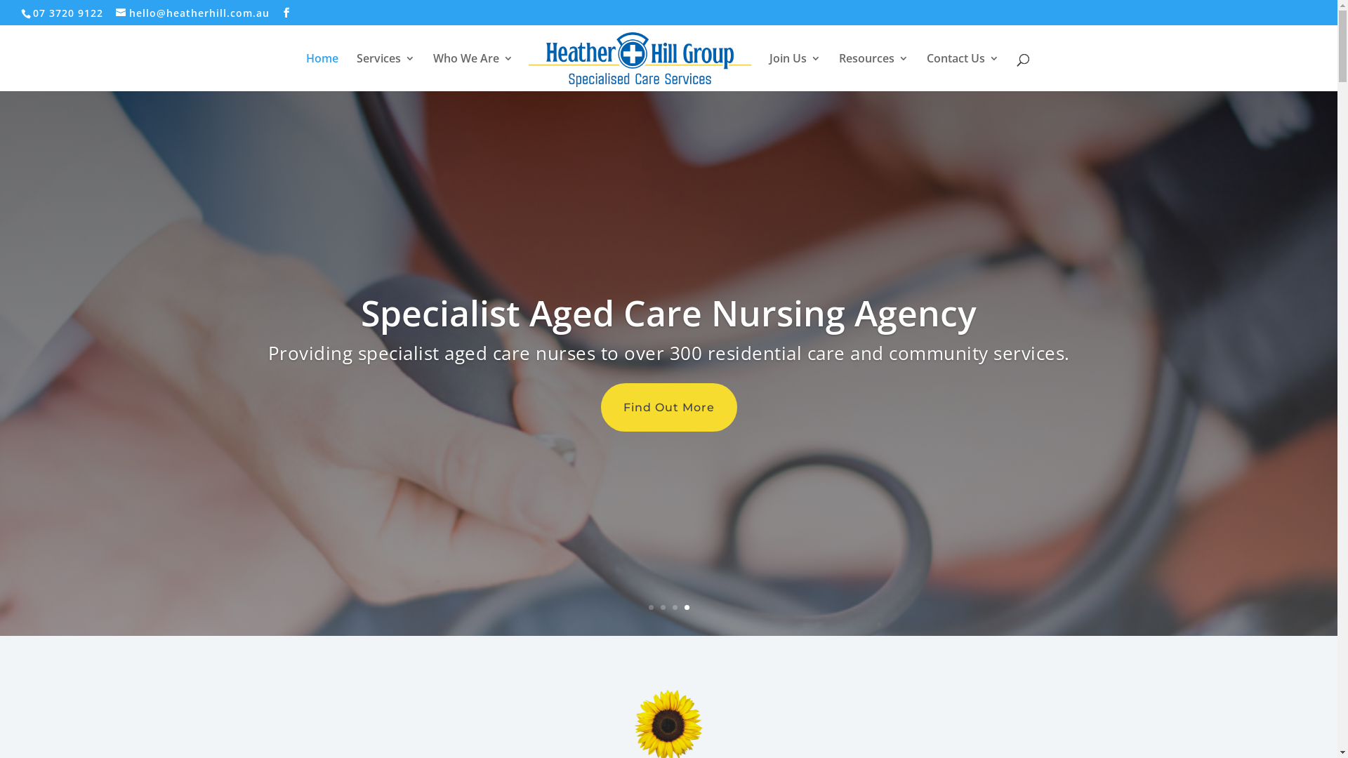  Describe the element at coordinates (962, 72) in the screenshot. I see `'Contact Us'` at that location.